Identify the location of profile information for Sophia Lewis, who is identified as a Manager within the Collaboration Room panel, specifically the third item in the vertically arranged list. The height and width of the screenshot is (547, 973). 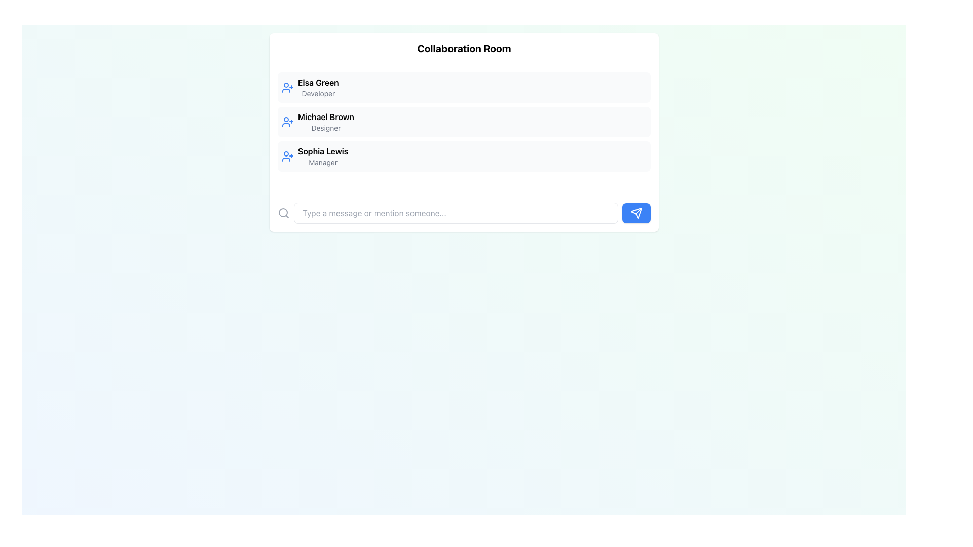
(322, 156).